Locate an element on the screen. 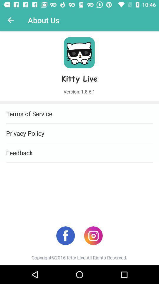  share to facebook is located at coordinates (65, 235).